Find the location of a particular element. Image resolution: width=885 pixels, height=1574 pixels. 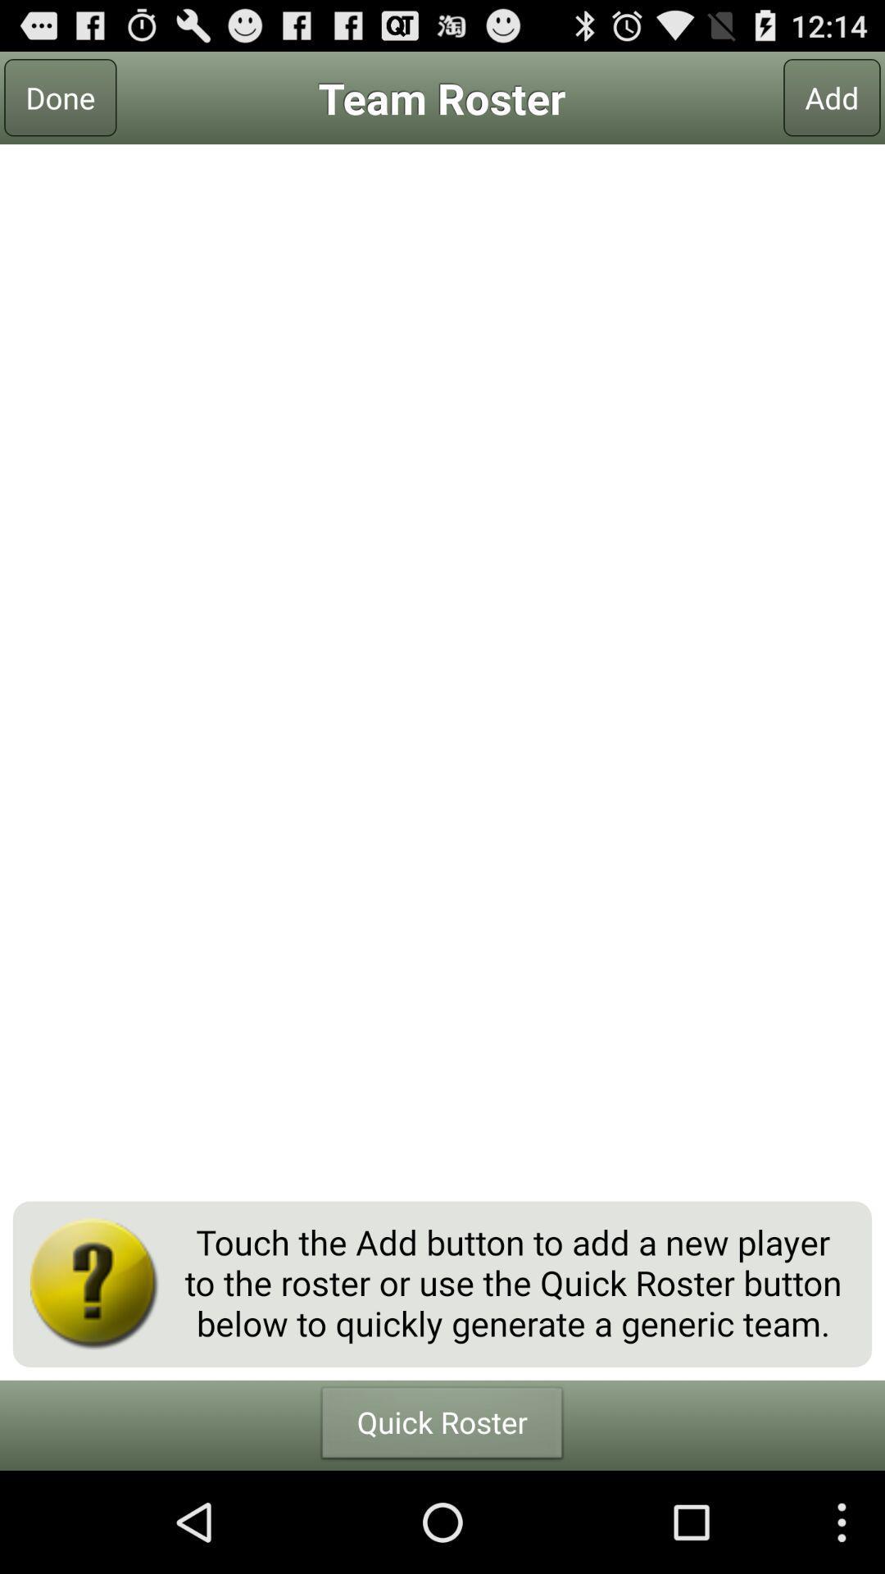

the done at the top left corner is located at coordinates (59, 97).